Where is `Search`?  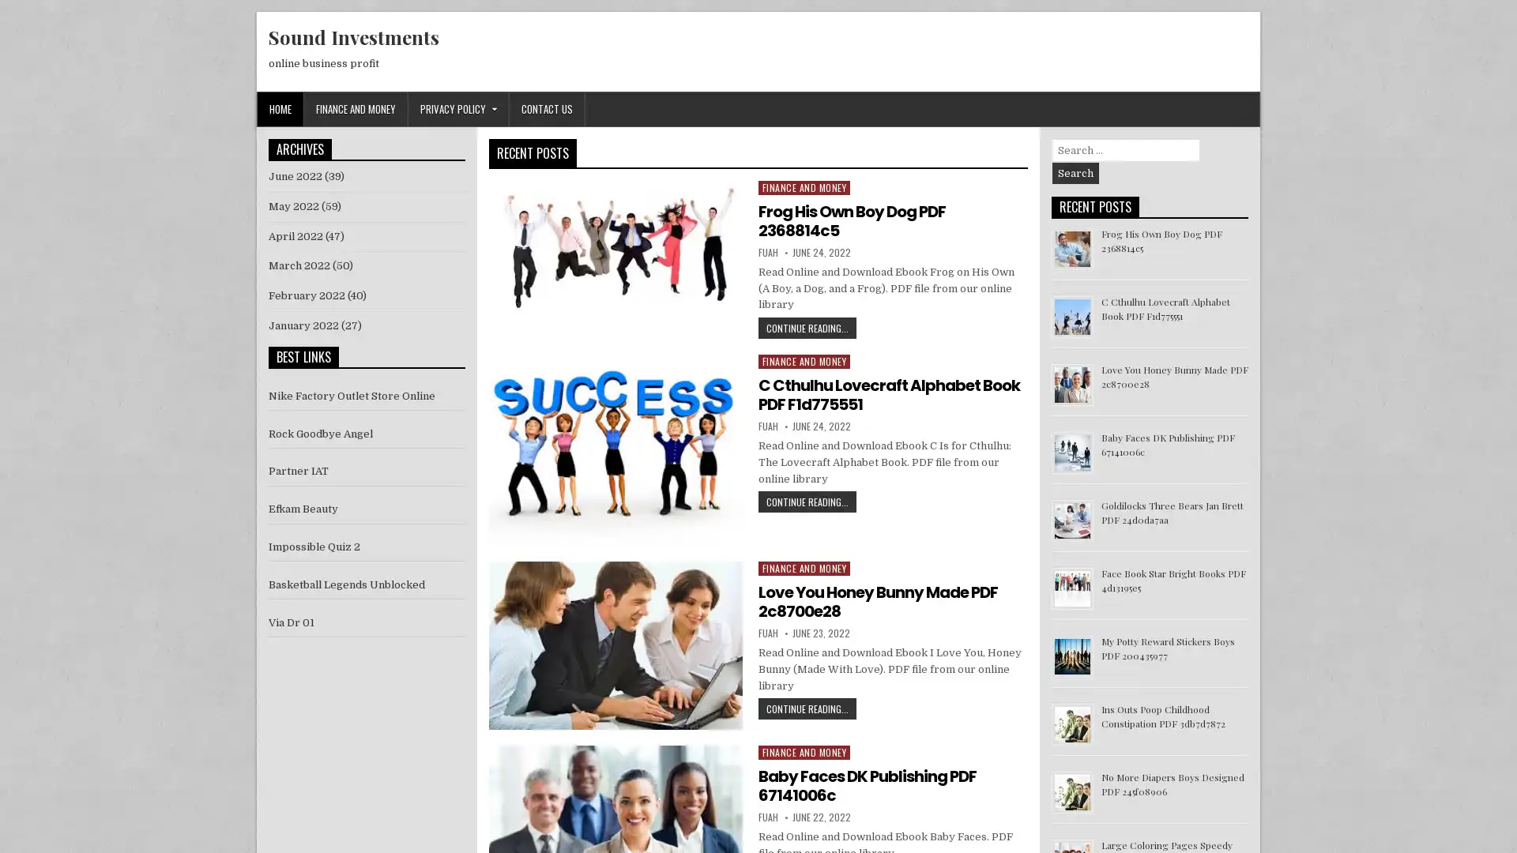 Search is located at coordinates (1075, 173).